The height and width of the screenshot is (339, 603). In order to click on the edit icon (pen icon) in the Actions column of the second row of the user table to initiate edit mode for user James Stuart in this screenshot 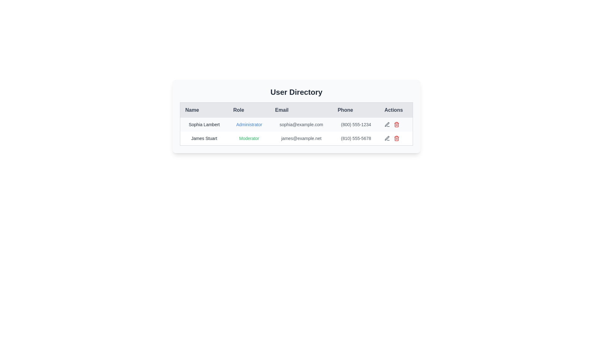, I will do `click(387, 124)`.